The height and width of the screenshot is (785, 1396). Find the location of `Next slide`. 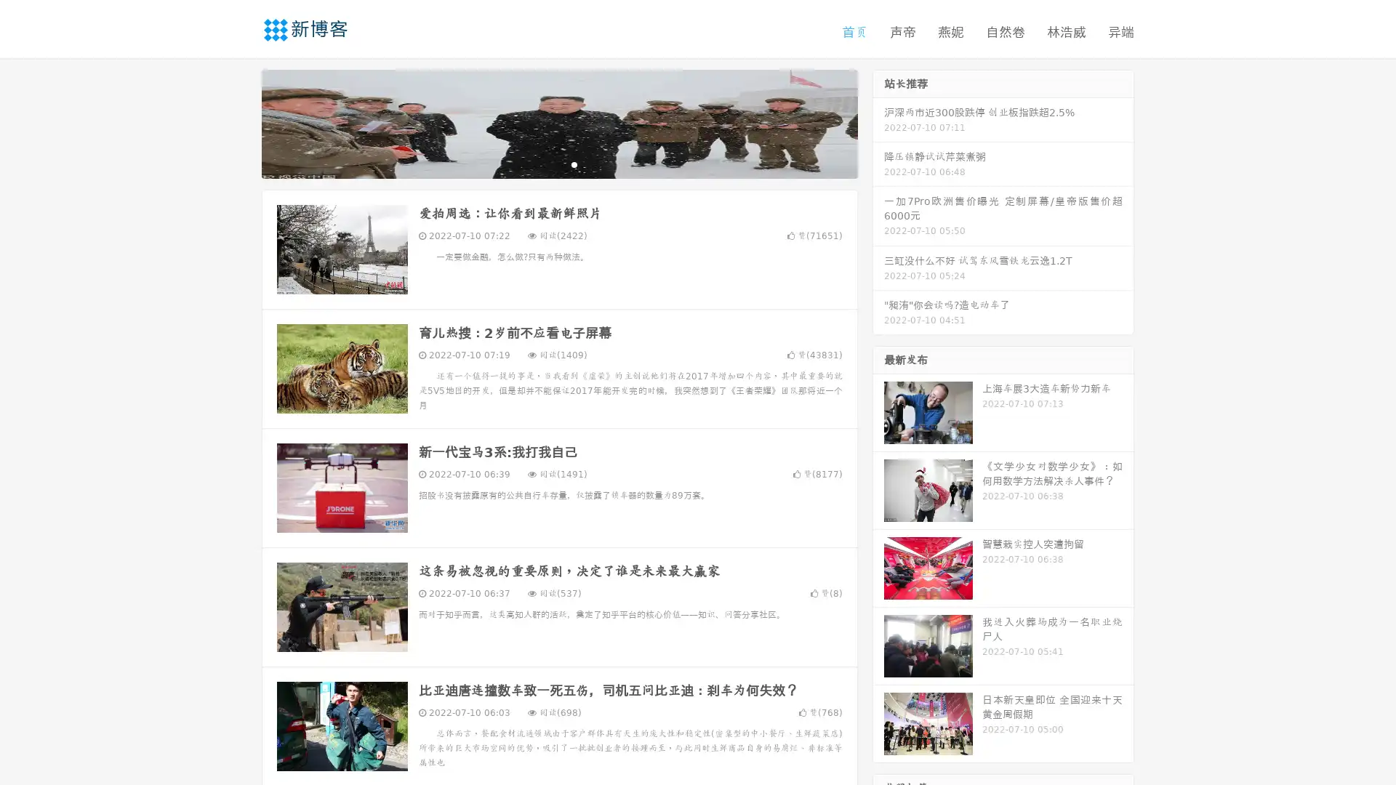

Next slide is located at coordinates (878, 122).